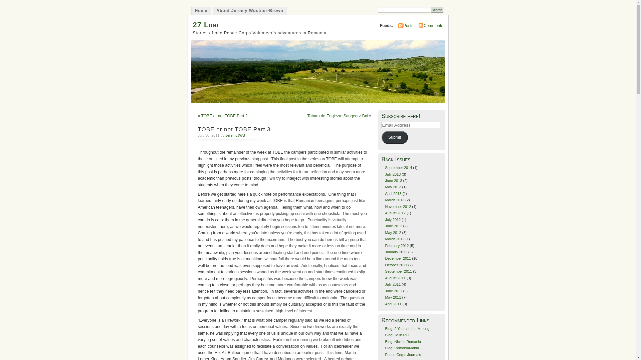 Image resolution: width=641 pixels, height=360 pixels. I want to click on 'TOBE or not TOBE Part 2', so click(200, 115).